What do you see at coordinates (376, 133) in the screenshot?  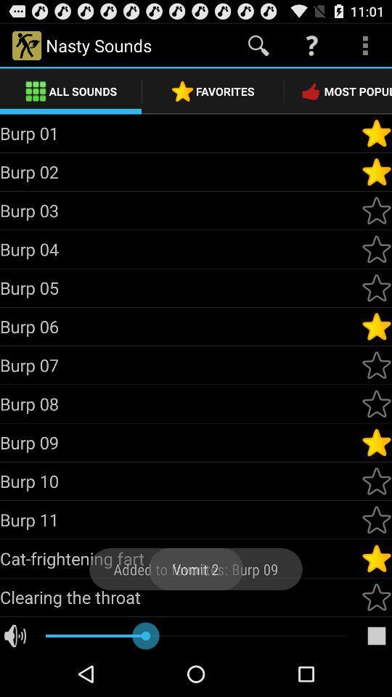 I see `good` at bounding box center [376, 133].